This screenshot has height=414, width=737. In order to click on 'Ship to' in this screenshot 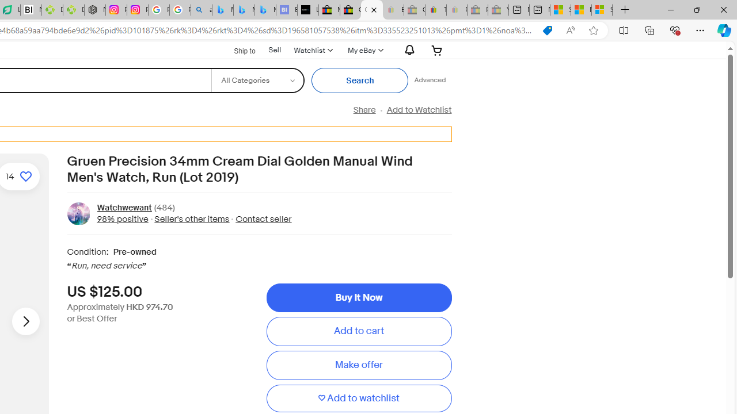, I will do `click(237, 49)`.